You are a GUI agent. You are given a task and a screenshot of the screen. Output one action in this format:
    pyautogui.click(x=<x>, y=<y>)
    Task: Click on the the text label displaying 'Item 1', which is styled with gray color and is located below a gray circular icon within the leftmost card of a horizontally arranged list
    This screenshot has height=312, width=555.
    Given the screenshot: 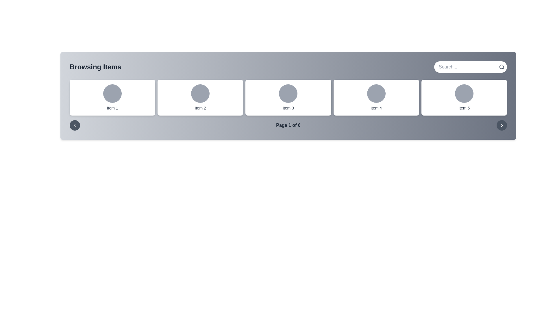 What is the action you would take?
    pyautogui.click(x=112, y=108)
    